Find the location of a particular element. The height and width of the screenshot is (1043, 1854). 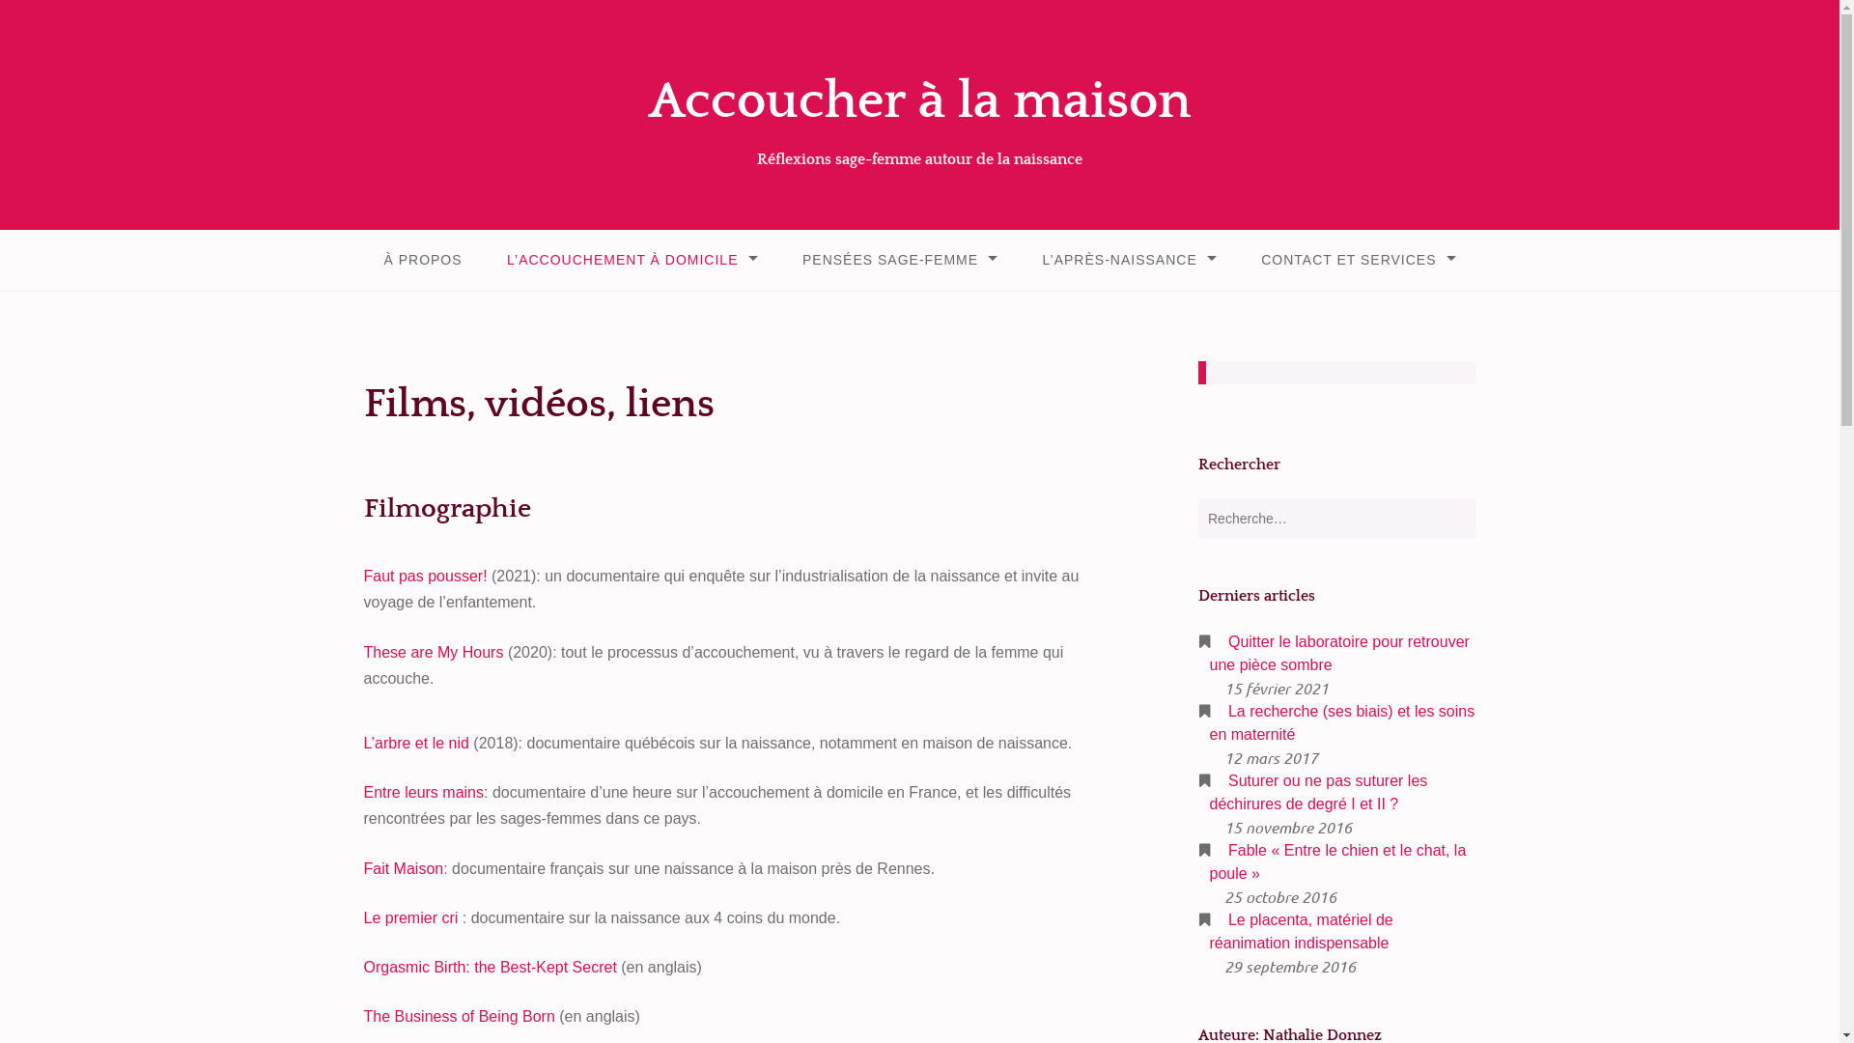

'Fait Maison' is located at coordinates (402, 867).